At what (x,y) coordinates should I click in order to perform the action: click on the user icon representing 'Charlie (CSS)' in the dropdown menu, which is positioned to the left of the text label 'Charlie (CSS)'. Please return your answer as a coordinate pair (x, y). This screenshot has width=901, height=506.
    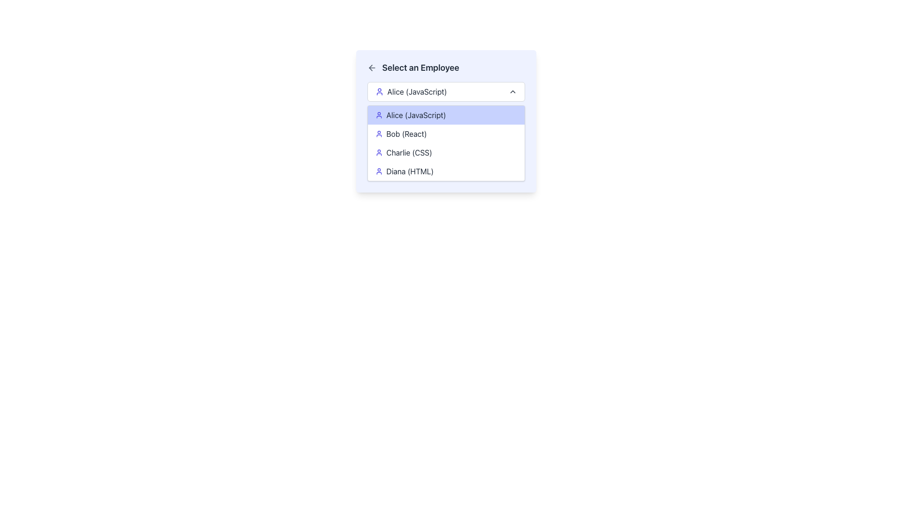
    Looking at the image, I should click on (379, 152).